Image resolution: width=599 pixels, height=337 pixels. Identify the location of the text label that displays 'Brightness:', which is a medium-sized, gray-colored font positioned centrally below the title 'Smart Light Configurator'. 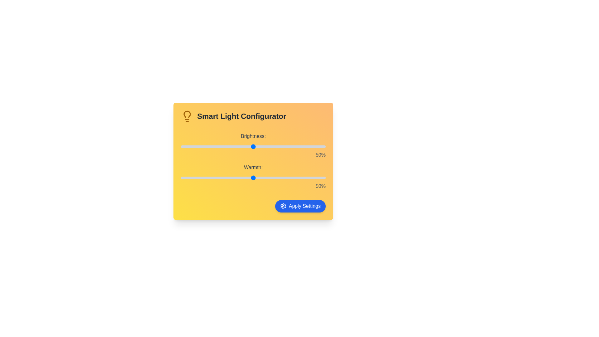
(253, 136).